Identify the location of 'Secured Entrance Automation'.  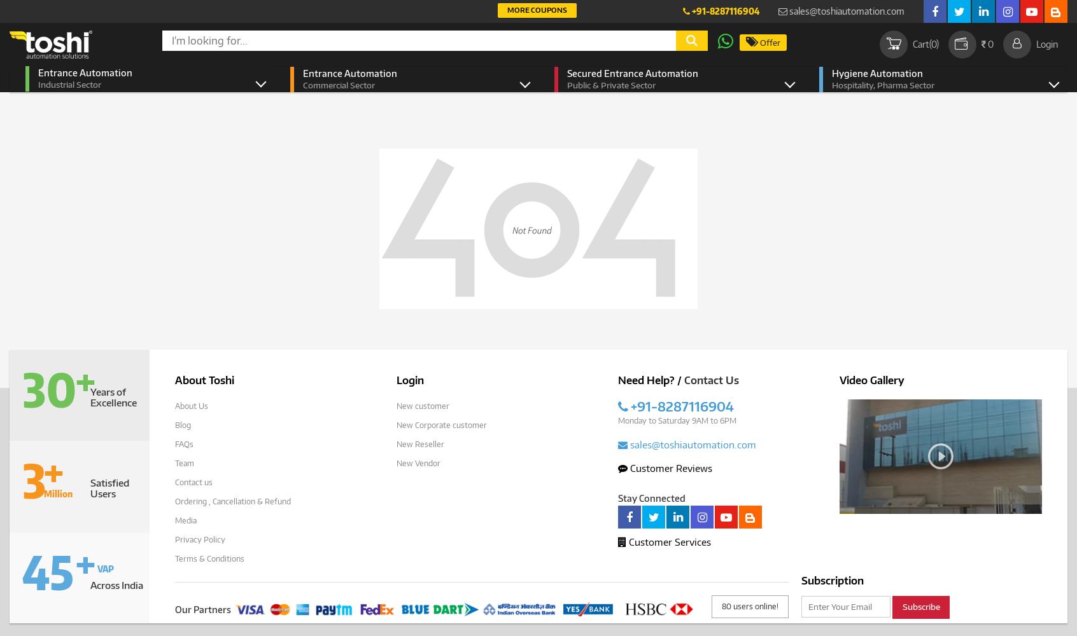
(632, 73).